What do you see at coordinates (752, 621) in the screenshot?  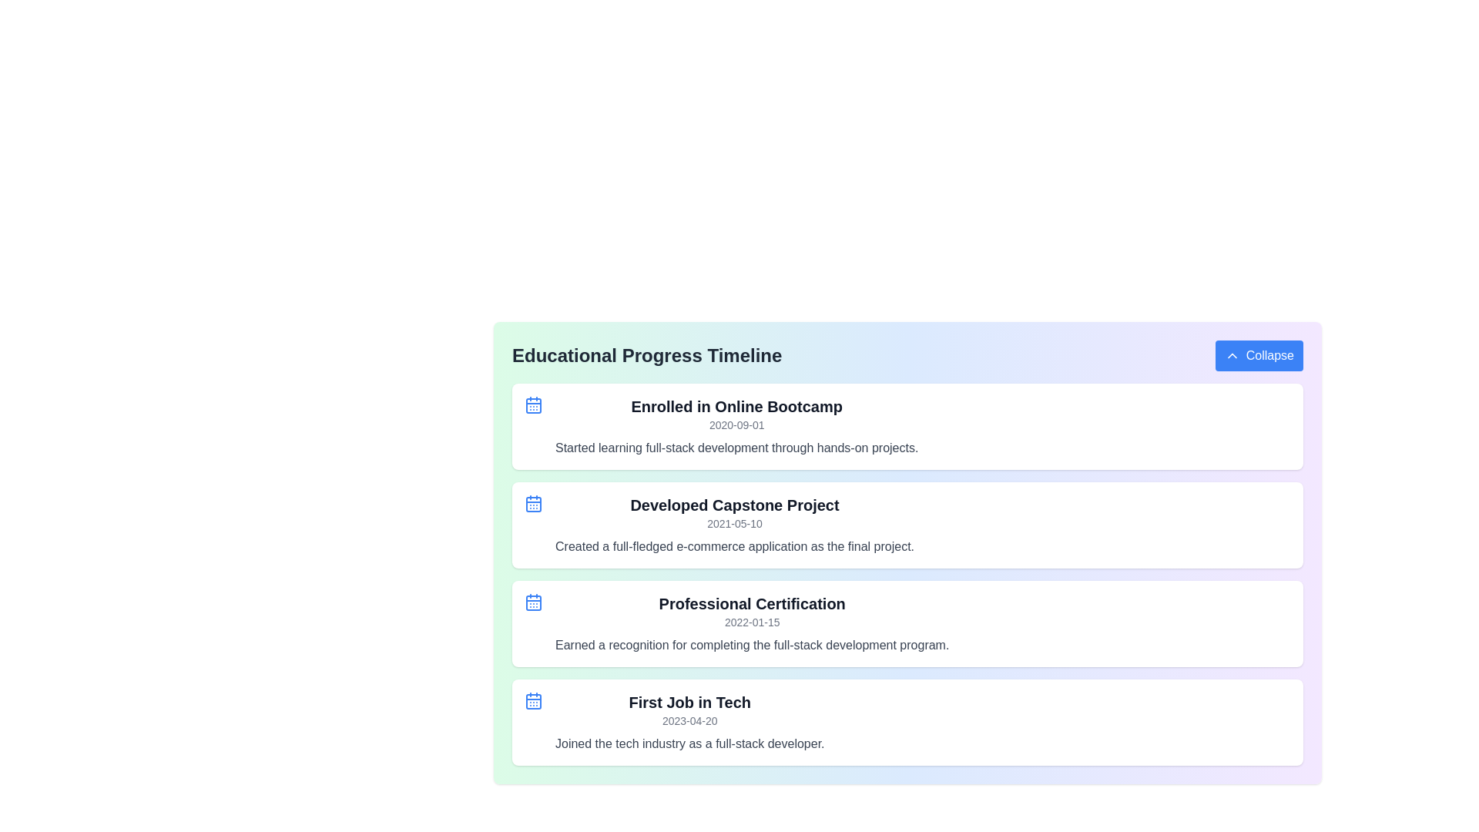 I see `the text displaying the date '2022-01-15', which is located below the heading 'Professional Certification' and above the description text in the third card of the timeline items` at bounding box center [752, 621].